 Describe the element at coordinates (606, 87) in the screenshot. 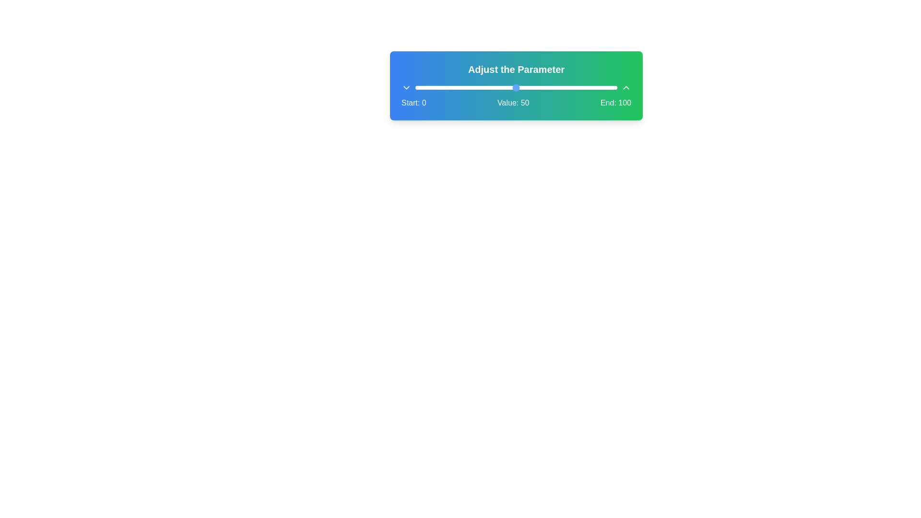

I see `the slider value` at that location.